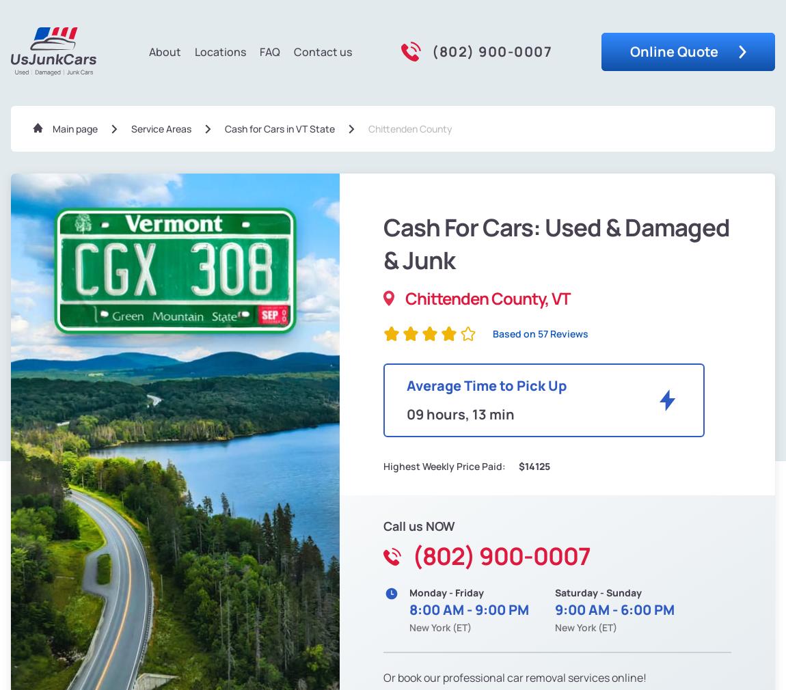  What do you see at coordinates (225, 128) in the screenshot?
I see `'Сash for Cars in
                                                                                                VT State'` at bounding box center [225, 128].